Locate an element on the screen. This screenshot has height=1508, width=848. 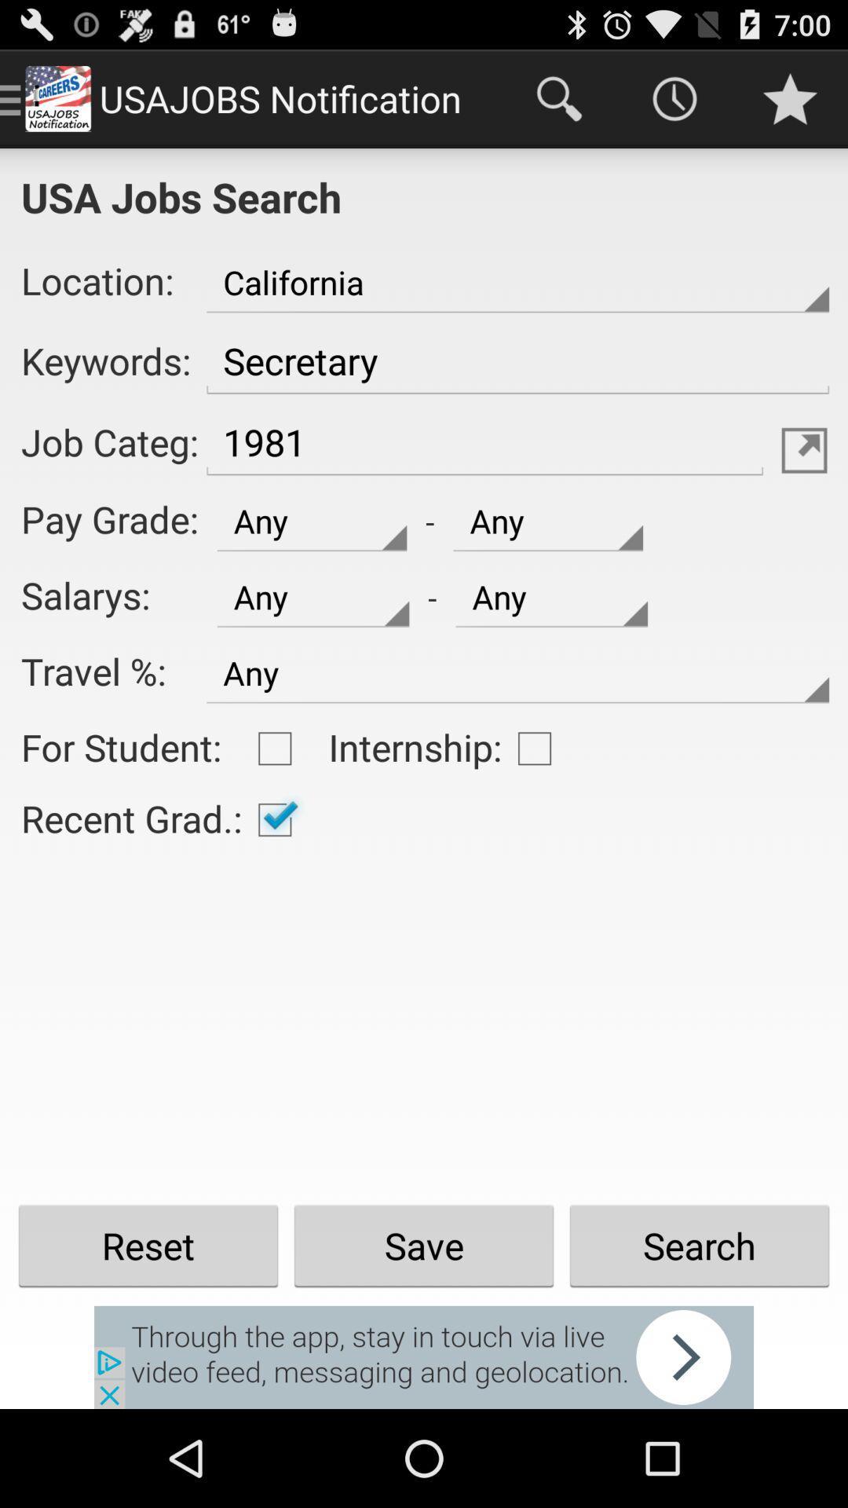
the intership is located at coordinates (534, 748).